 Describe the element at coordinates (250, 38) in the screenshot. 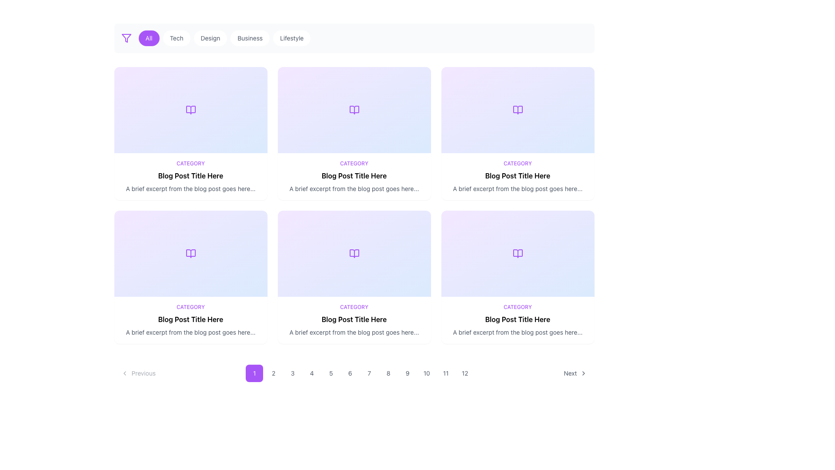

I see `the 'Business' tab in the navigation bar to filter content by the 'Business' category` at that location.